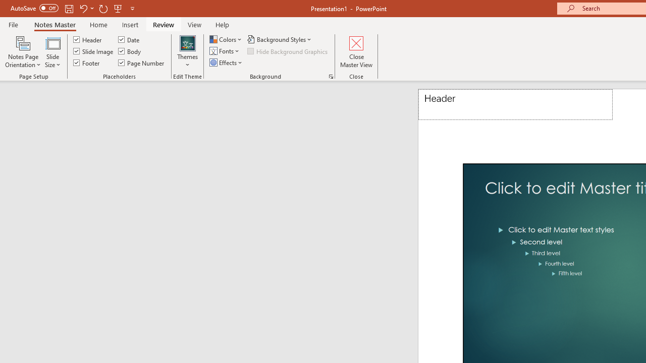 This screenshot has height=363, width=646. I want to click on 'Body', so click(129, 51).